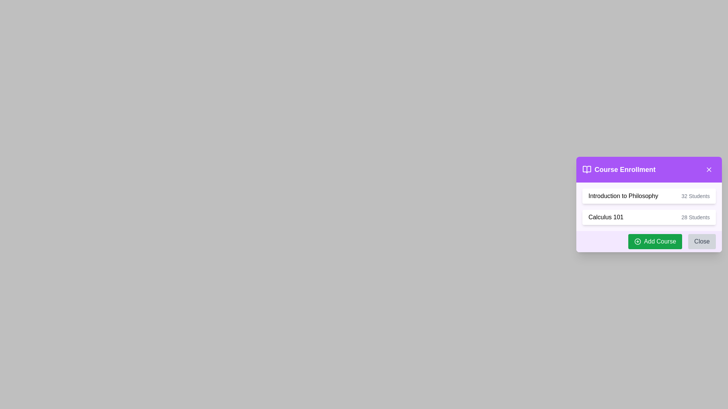 The height and width of the screenshot is (409, 728). What do you see at coordinates (587, 169) in the screenshot?
I see `the decorative icon representing 'Course Enrollment' located at the top-left of the purple header section of the modal window` at bounding box center [587, 169].